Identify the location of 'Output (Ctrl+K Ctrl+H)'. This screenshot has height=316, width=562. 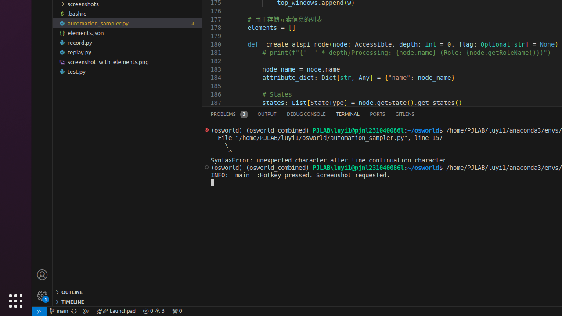
(267, 114).